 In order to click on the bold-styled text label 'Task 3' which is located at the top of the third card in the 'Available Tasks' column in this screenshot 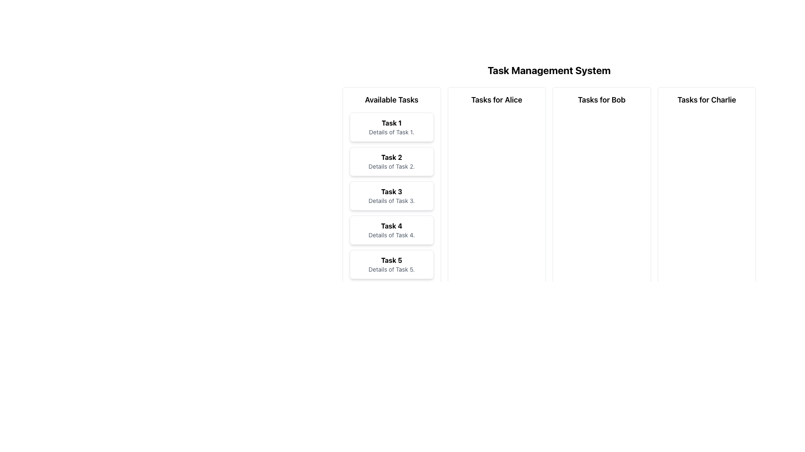, I will do `click(391, 192)`.